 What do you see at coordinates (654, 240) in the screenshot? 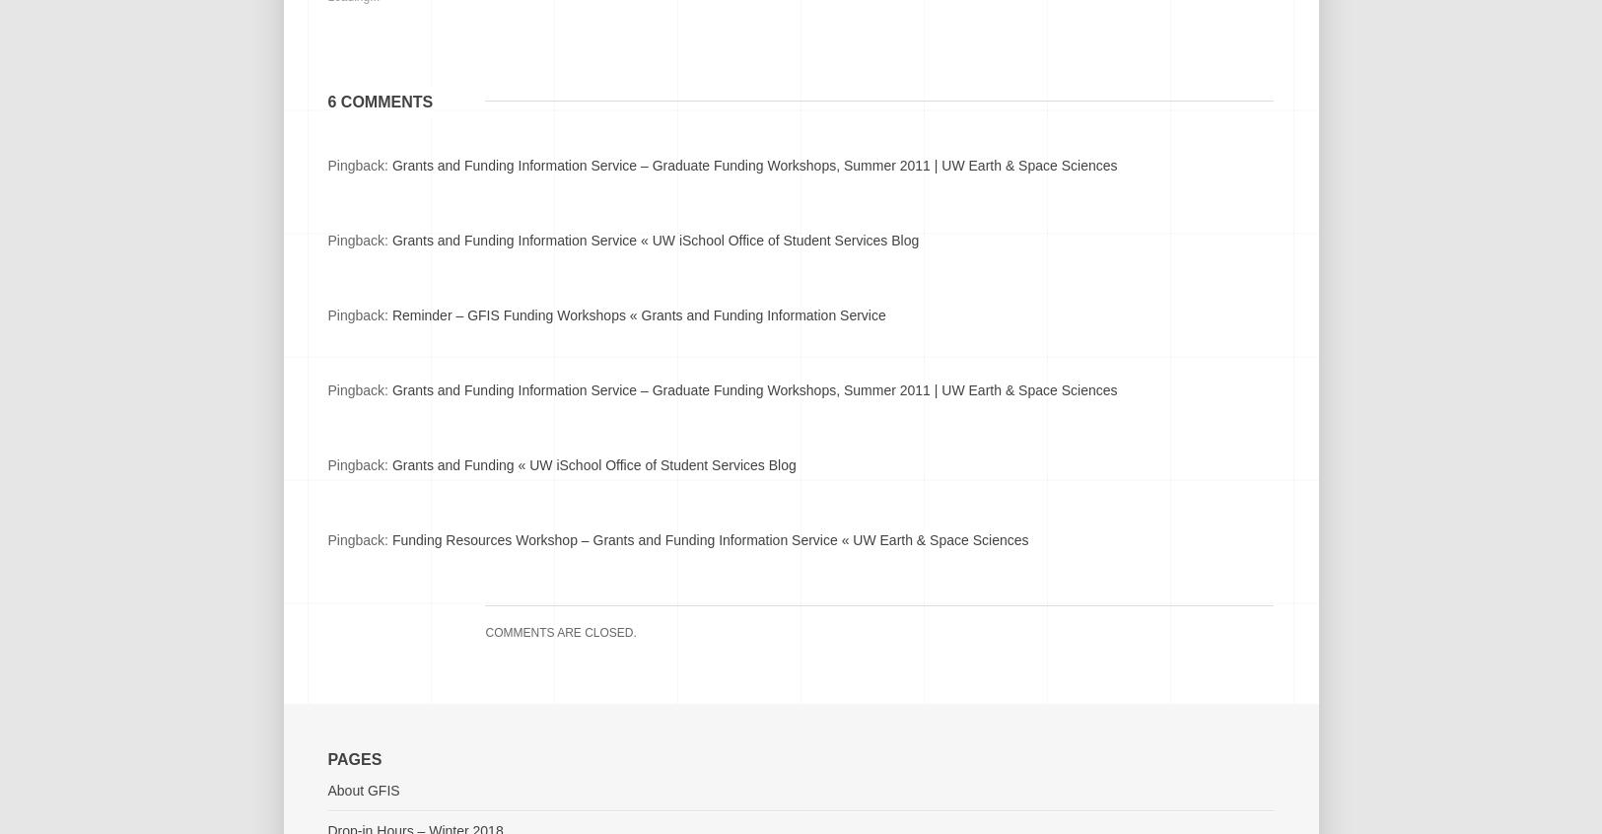
I see `'Grants and Funding Information Service « UW iSchool Office of Student Services Blog'` at bounding box center [654, 240].